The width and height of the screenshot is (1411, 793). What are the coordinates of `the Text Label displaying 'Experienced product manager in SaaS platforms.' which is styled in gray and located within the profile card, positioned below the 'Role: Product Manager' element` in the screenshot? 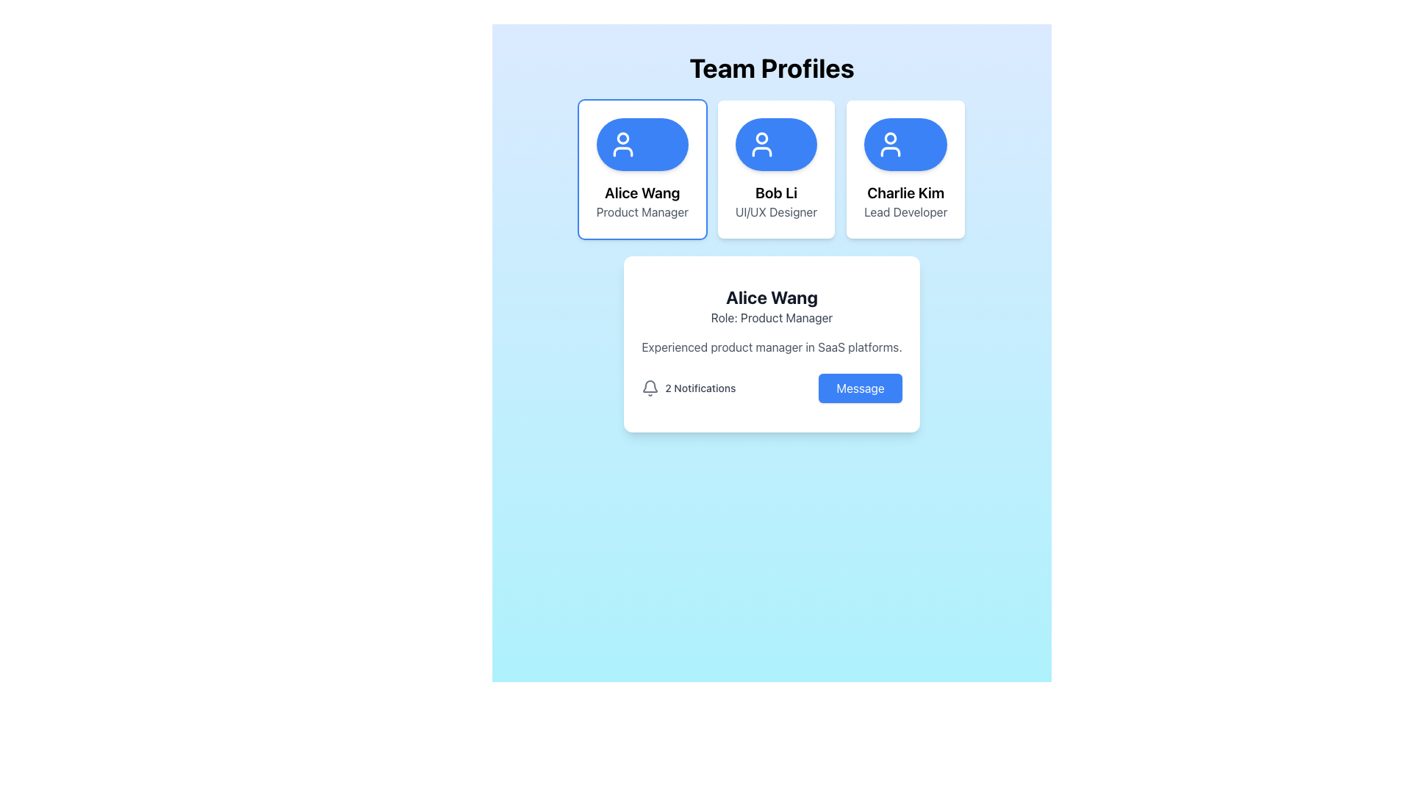 It's located at (771, 347).